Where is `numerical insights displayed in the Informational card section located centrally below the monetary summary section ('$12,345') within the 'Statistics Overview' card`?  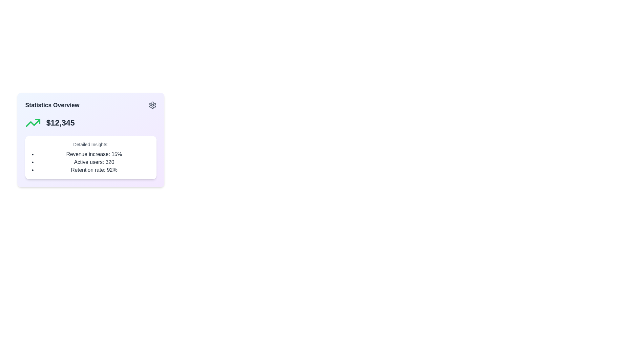
numerical insights displayed in the Informational card section located centrally below the monetary summary section ('$12,345') within the 'Statistics Overview' card is located at coordinates (91, 158).